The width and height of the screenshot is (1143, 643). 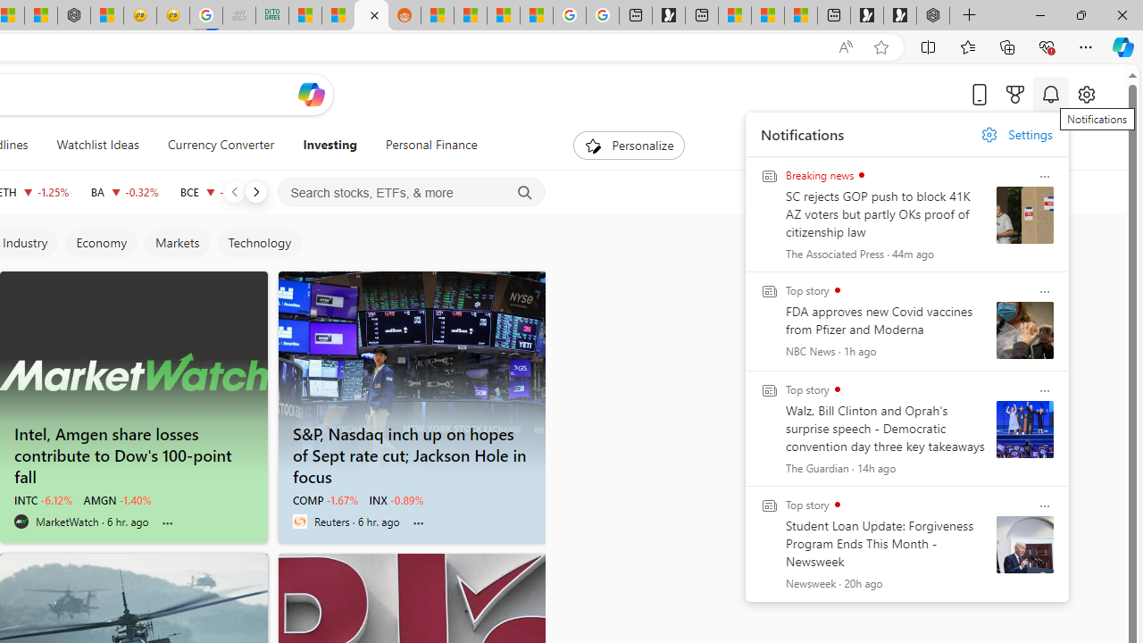 I want to click on 'Navy Quest', so click(x=238, y=15).